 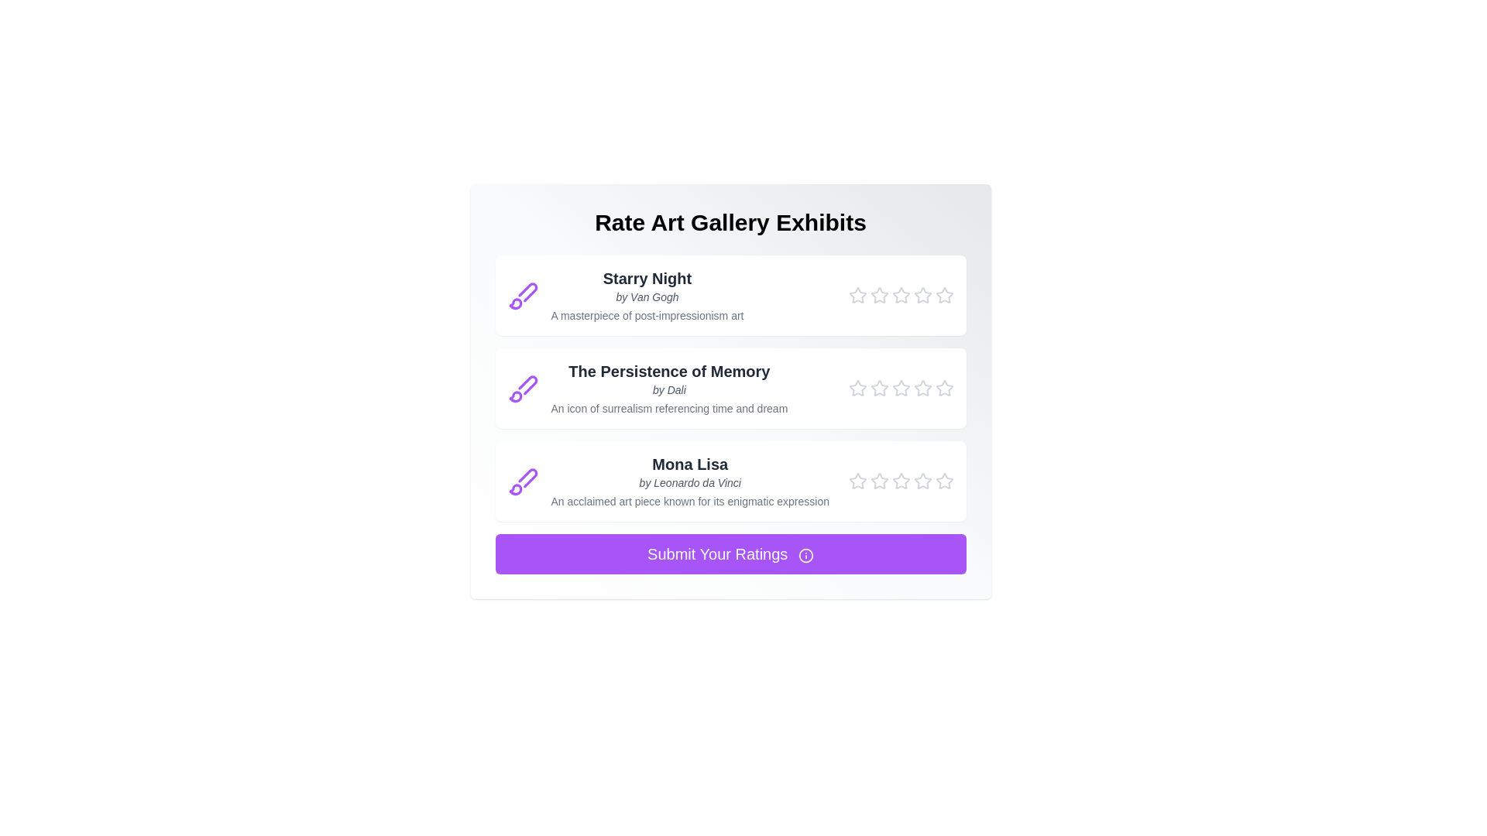 What do you see at coordinates (879, 295) in the screenshot?
I see `the star corresponding to 2 stars to preview the rating` at bounding box center [879, 295].